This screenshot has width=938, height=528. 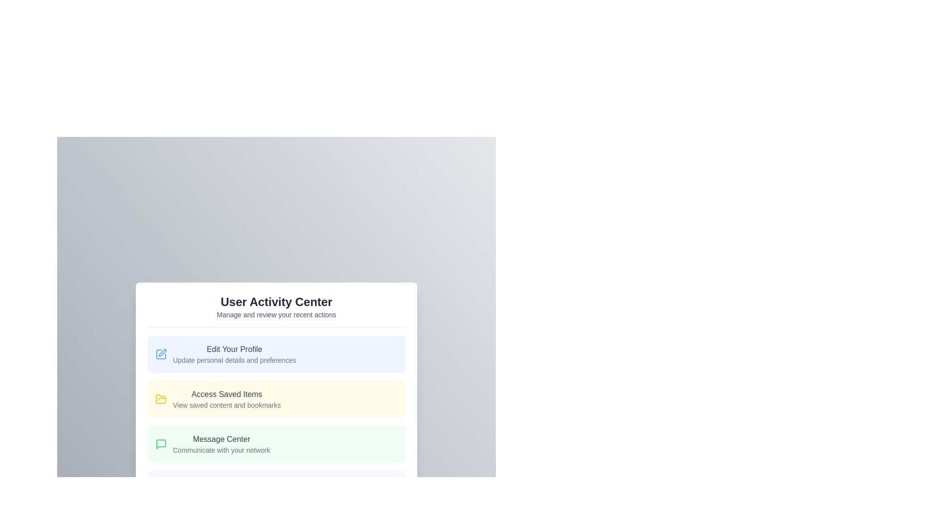 I want to click on the blue outlined square icon that resembles a pen, located to the left of the 'Edit Your Profile' label in the 'User Activity Center' section, so click(x=161, y=354).